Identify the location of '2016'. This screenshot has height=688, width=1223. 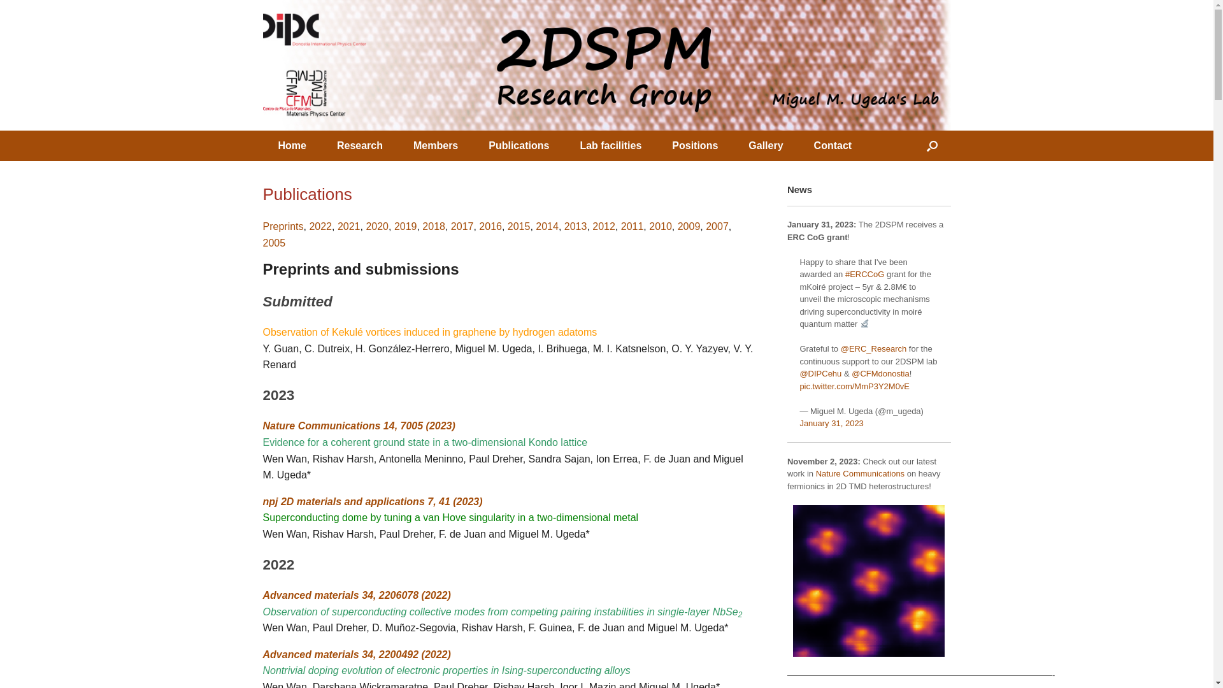
(489, 226).